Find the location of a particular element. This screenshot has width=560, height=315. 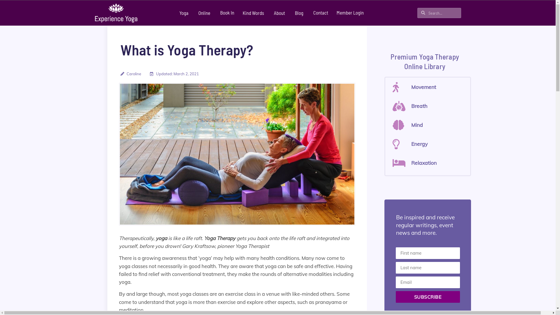

'SUBSCRIBE' is located at coordinates (428, 297).